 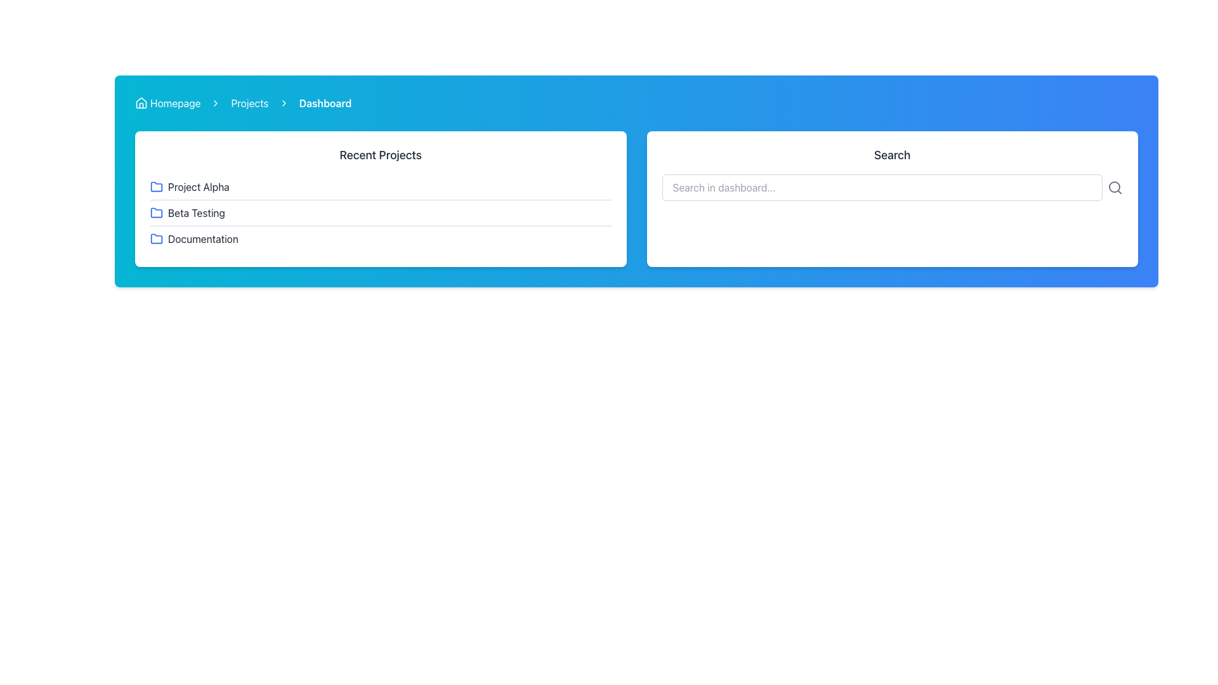 I want to click on the right-facing chevron icon in the breadcrumb navigation bar, which is the third chevron icon between the 'Projects' link and the 'Dashboard' label, so click(x=283, y=102).